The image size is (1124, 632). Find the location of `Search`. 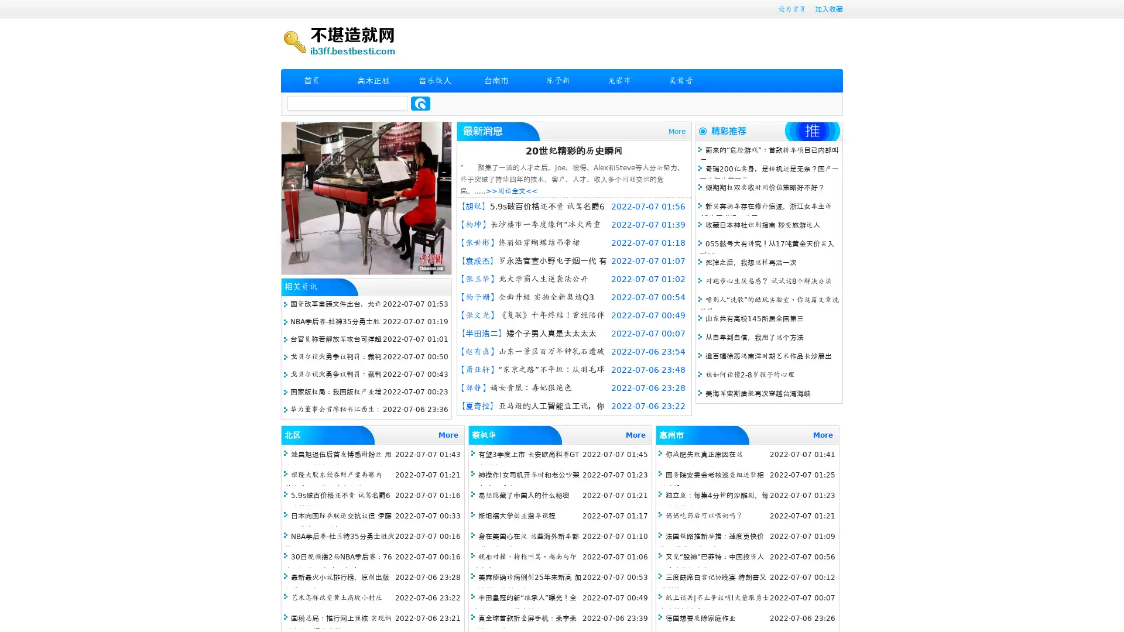

Search is located at coordinates (420, 103).